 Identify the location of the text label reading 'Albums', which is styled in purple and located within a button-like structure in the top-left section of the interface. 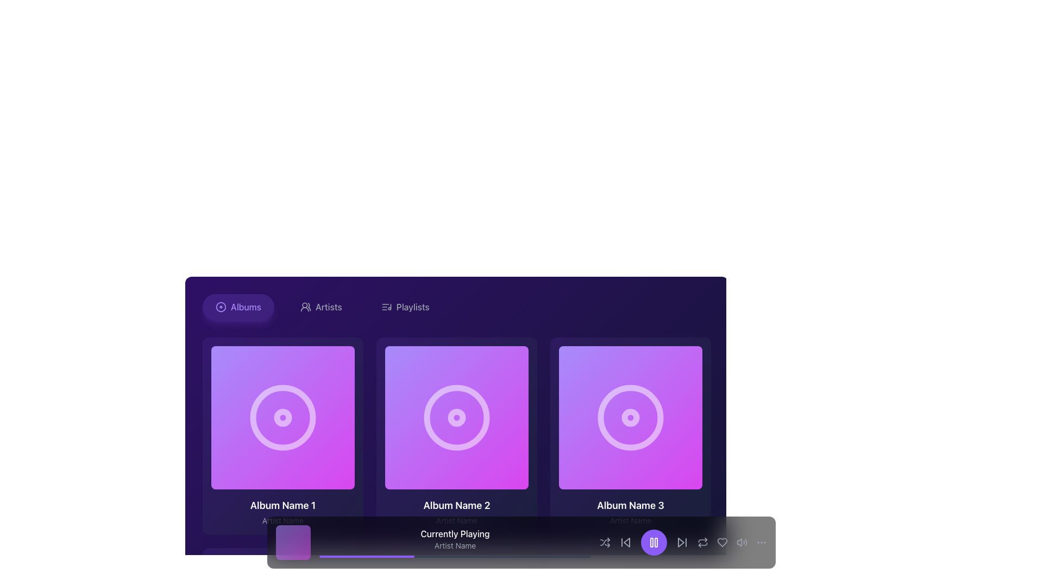
(245, 307).